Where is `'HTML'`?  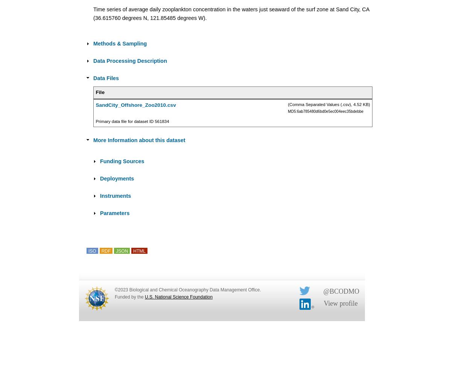
'HTML' is located at coordinates (139, 251).